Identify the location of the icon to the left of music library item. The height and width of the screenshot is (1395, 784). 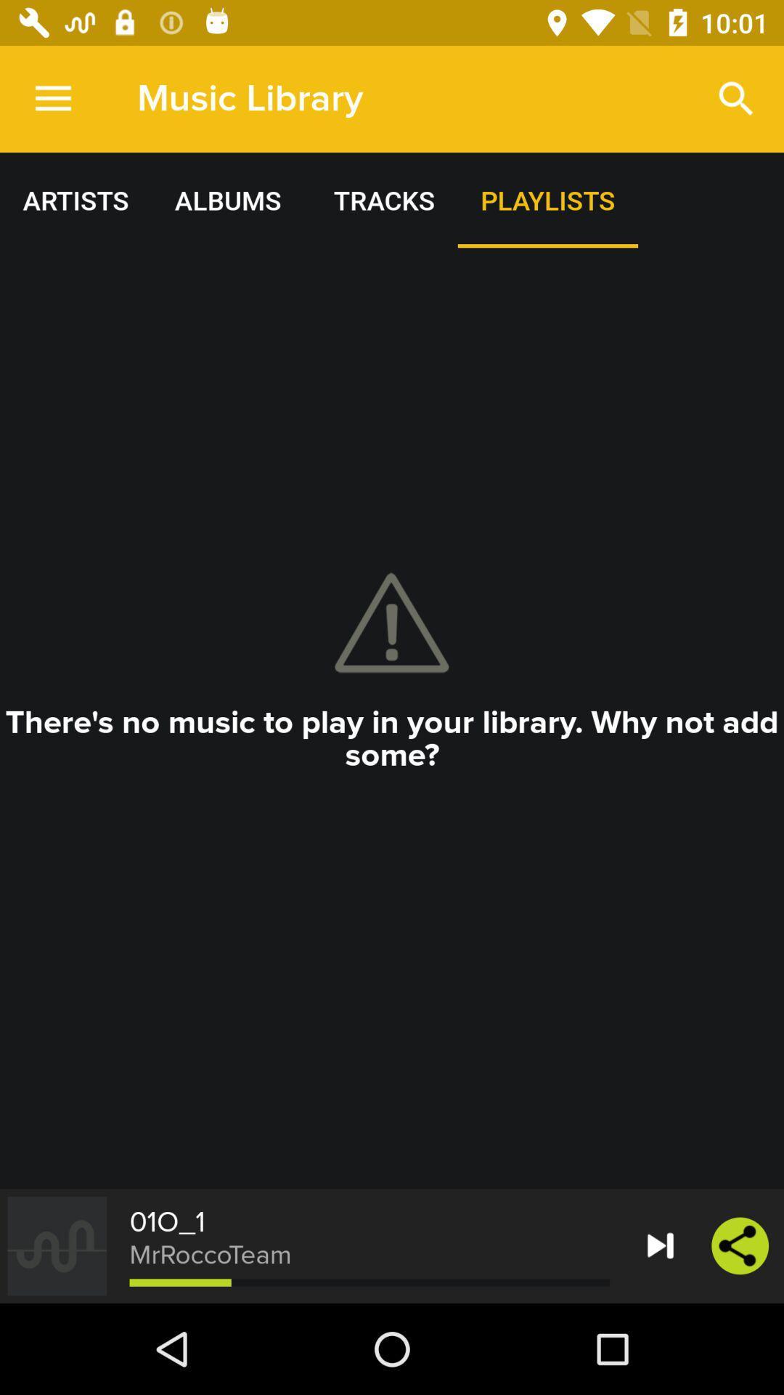
(52, 98).